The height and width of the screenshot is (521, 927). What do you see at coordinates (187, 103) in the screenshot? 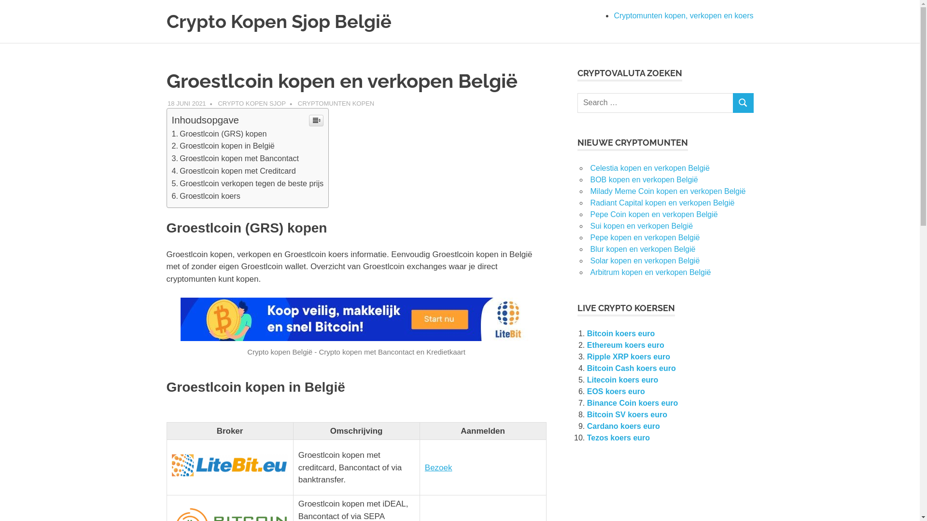
I see `'18 JUNI 2021'` at bounding box center [187, 103].